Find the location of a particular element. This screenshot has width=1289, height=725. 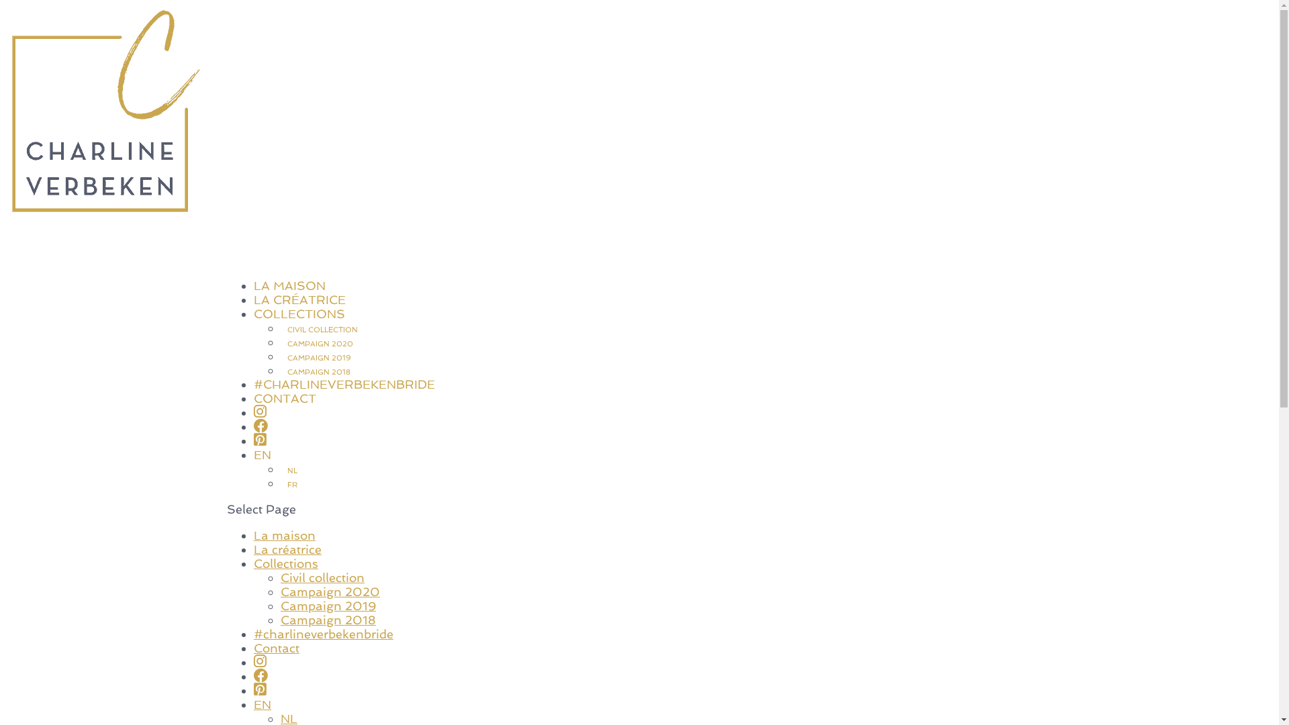

'CAMPAIGN 2018' is located at coordinates (318, 372).